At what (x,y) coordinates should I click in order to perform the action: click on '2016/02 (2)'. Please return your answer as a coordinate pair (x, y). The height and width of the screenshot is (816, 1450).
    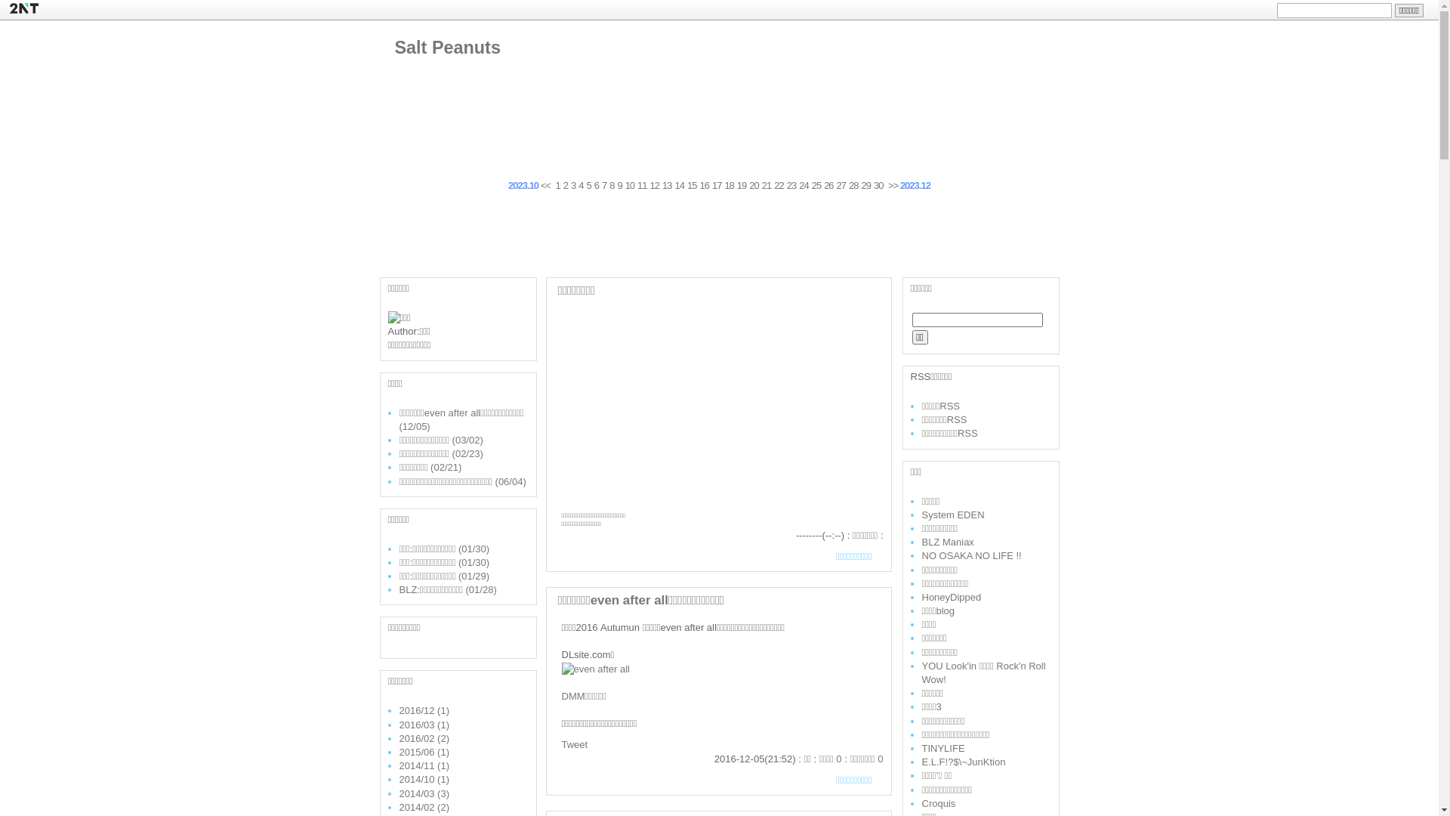
    Looking at the image, I should click on (423, 737).